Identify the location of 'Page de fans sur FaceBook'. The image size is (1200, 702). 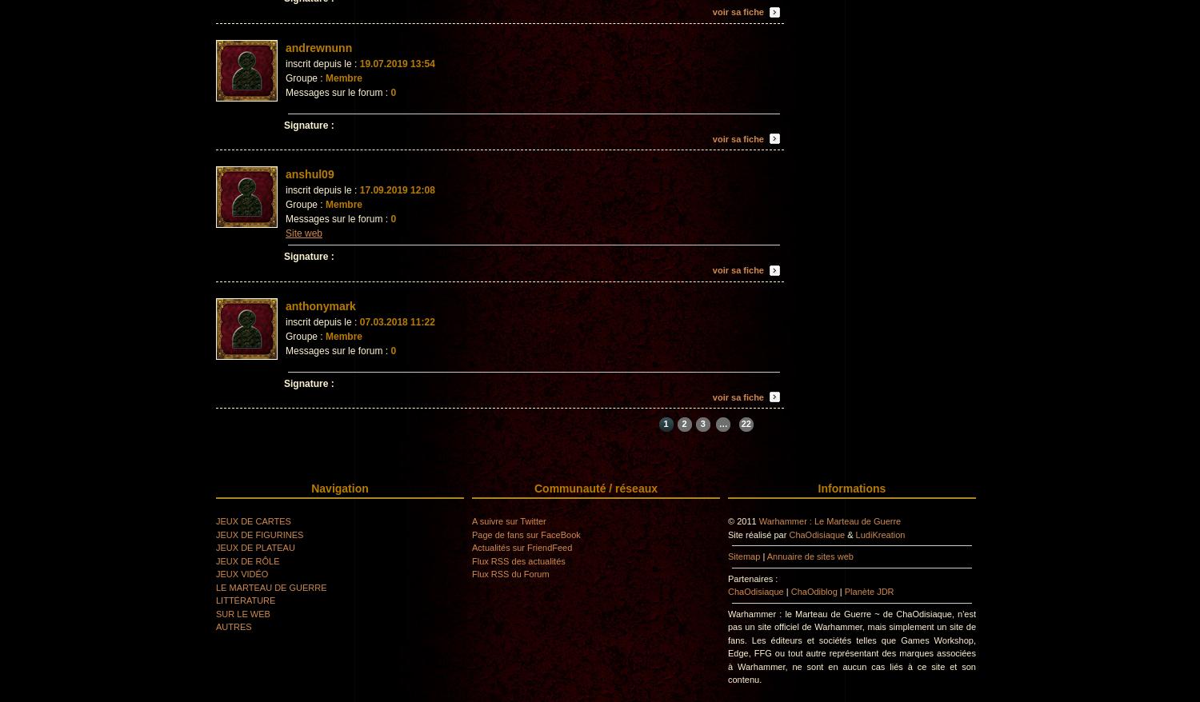
(526, 533).